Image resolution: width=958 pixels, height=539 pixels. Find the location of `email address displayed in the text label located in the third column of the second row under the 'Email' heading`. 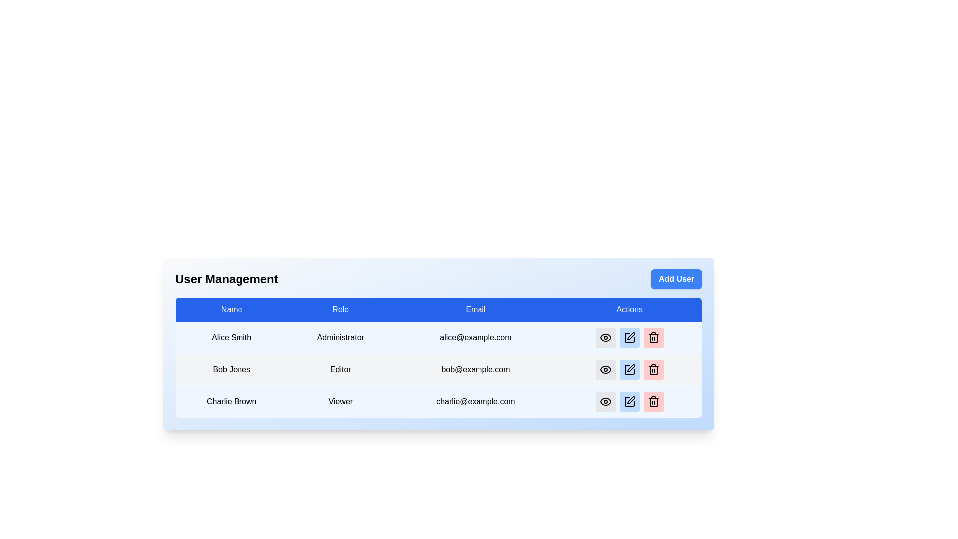

email address displayed in the text label located in the third column of the second row under the 'Email' heading is located at coordinates (475, 369).